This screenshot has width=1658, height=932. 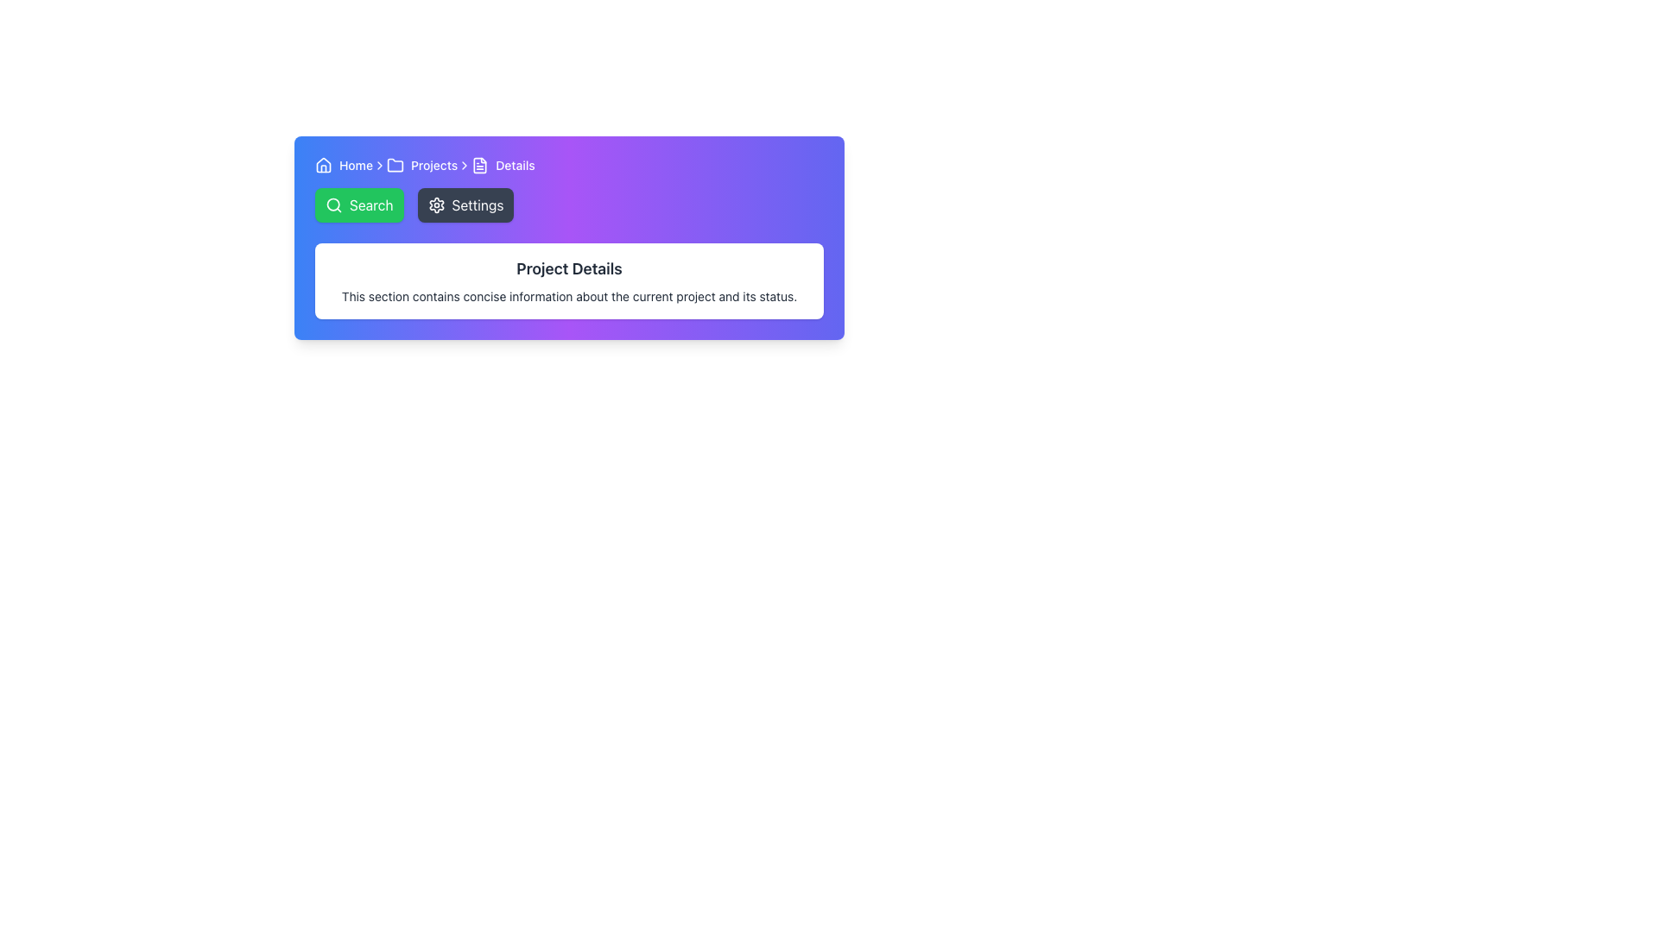 What do you see at coordinates (358, 205) in the screenshot?
I see `the green 'Search' button with a white search icon and text` at bounding box center [358, 205].